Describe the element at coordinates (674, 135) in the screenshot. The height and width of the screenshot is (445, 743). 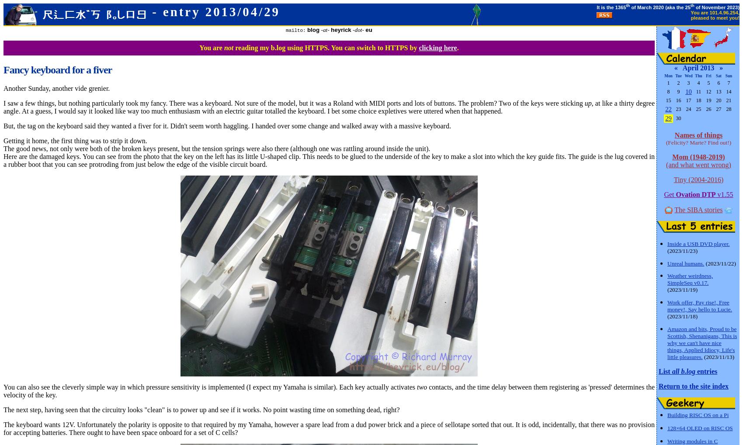
I see `'Names of things'` at that location.